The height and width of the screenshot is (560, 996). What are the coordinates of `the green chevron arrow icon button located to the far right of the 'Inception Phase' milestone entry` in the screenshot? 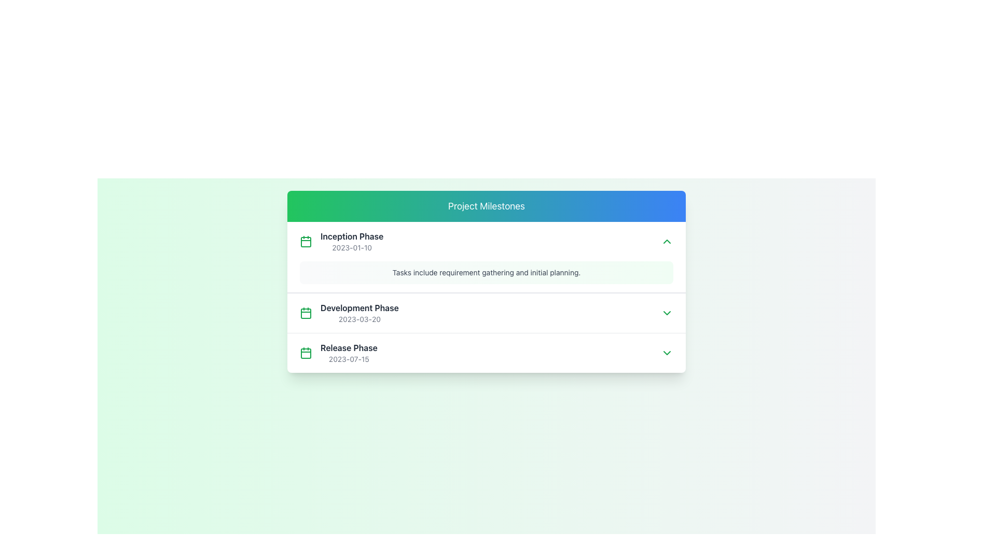 It's located at (667, 242).